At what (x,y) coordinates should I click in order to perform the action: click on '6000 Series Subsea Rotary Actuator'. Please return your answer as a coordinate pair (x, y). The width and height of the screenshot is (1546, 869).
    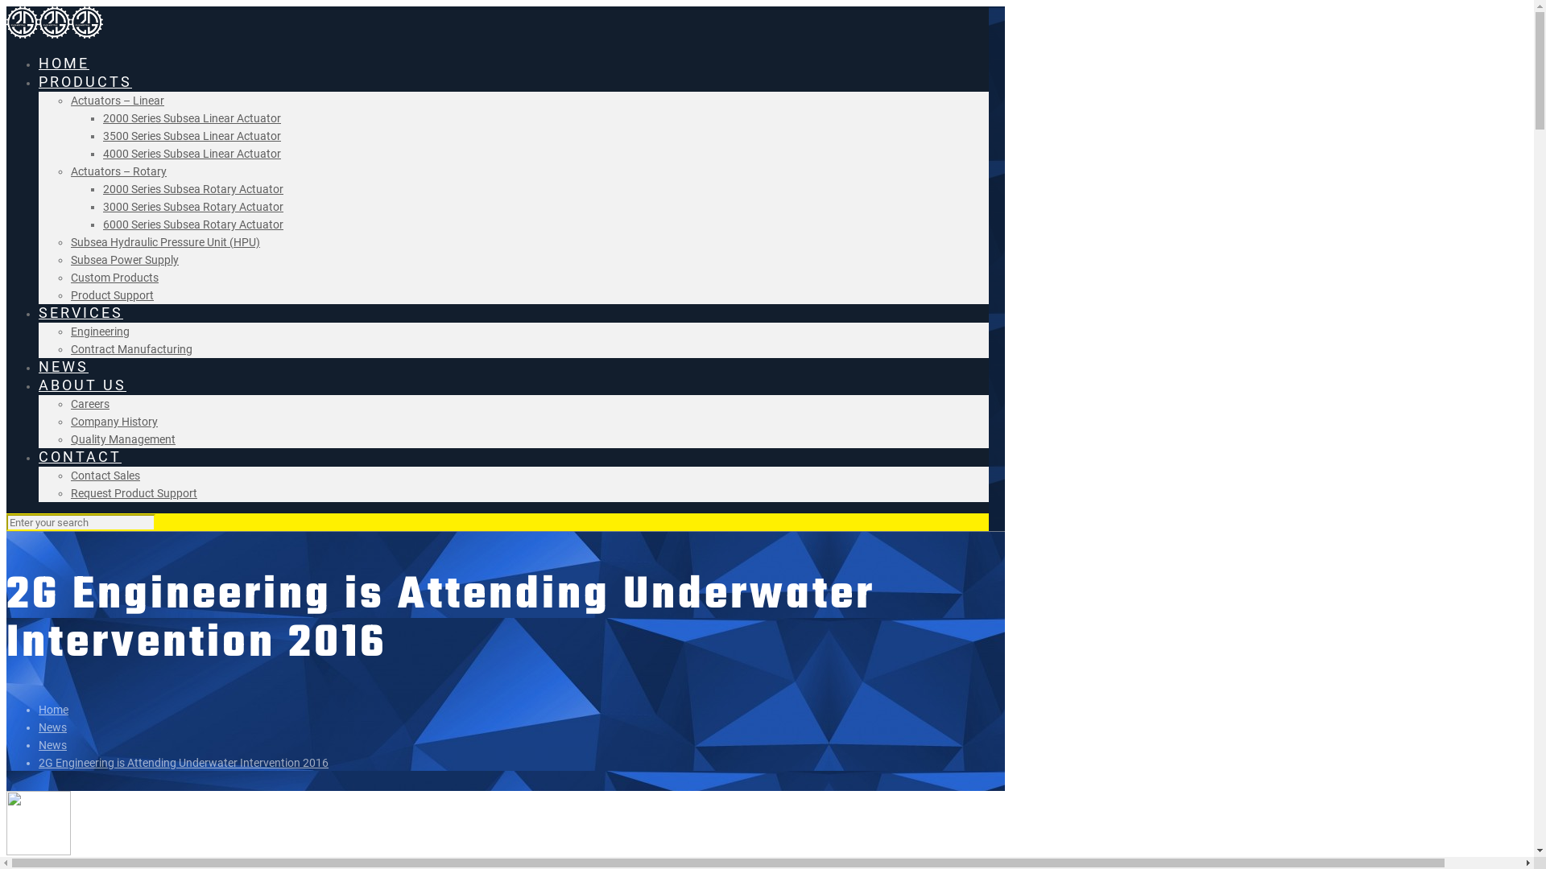
    Looking at the image, I should click on (193, 224).